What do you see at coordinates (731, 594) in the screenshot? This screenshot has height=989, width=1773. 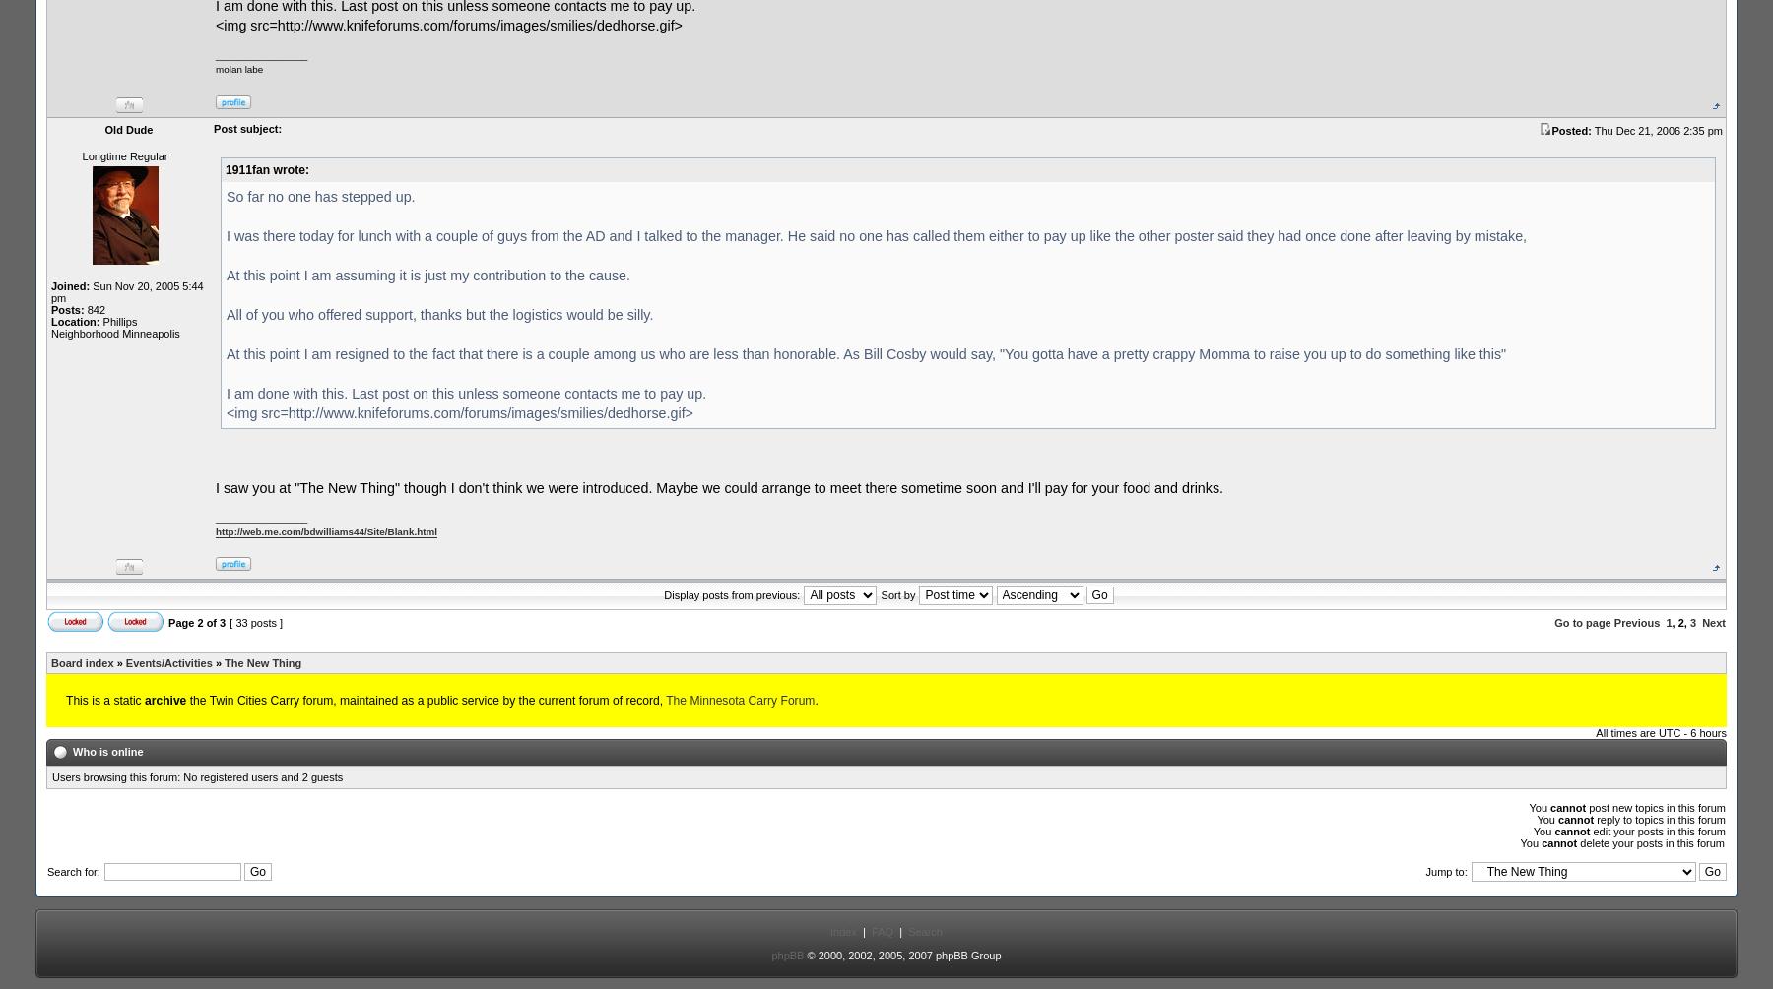 I see `'Display posts from previous:'` at bounding box center [731, 594].